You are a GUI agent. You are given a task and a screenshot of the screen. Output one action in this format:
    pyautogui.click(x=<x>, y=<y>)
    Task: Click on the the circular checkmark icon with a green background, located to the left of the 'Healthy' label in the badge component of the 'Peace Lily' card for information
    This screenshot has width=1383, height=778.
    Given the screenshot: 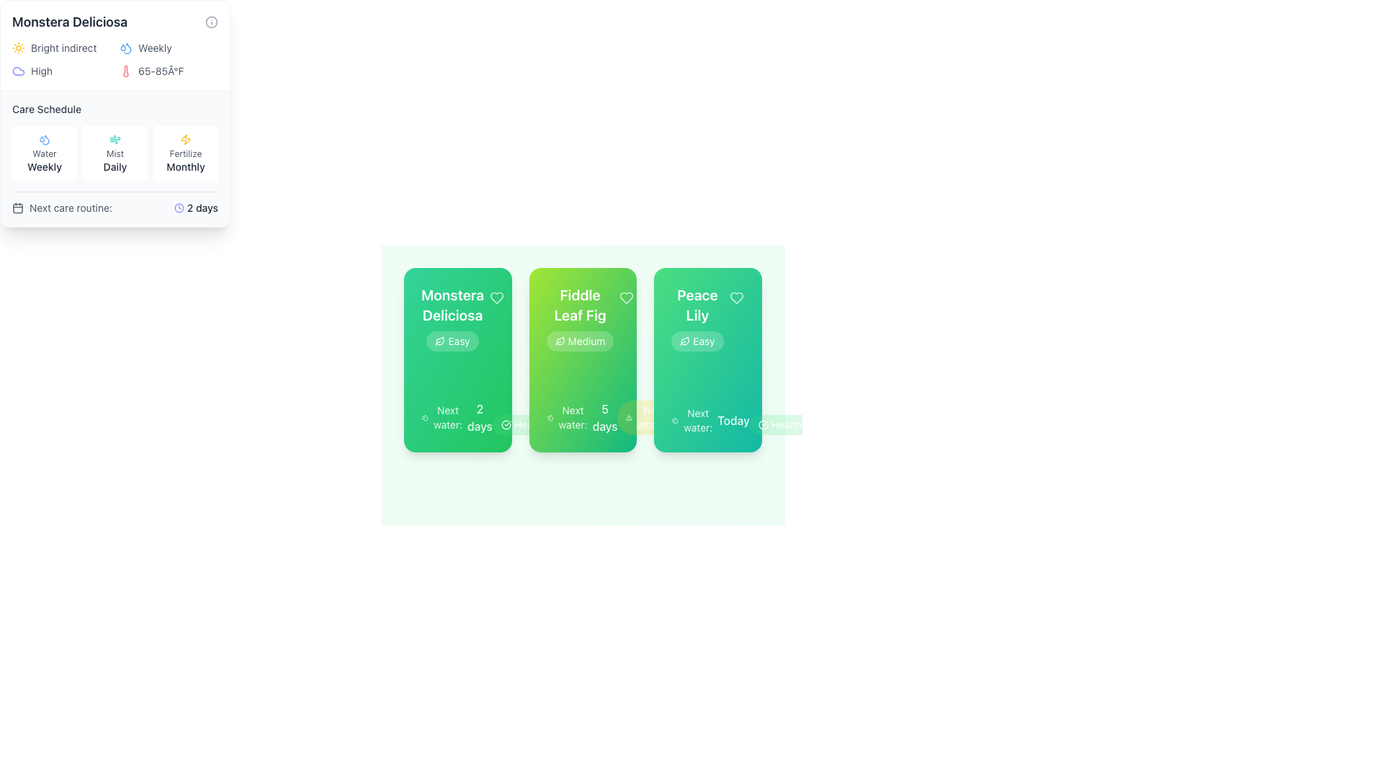 What is the action you would take?
    pyautogui.click(x=762, y=424)
    